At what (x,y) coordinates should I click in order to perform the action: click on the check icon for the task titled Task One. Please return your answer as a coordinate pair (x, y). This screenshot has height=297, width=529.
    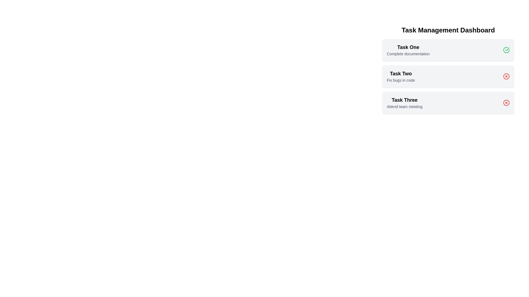
    Looking at the image, I should click on (506, 50).